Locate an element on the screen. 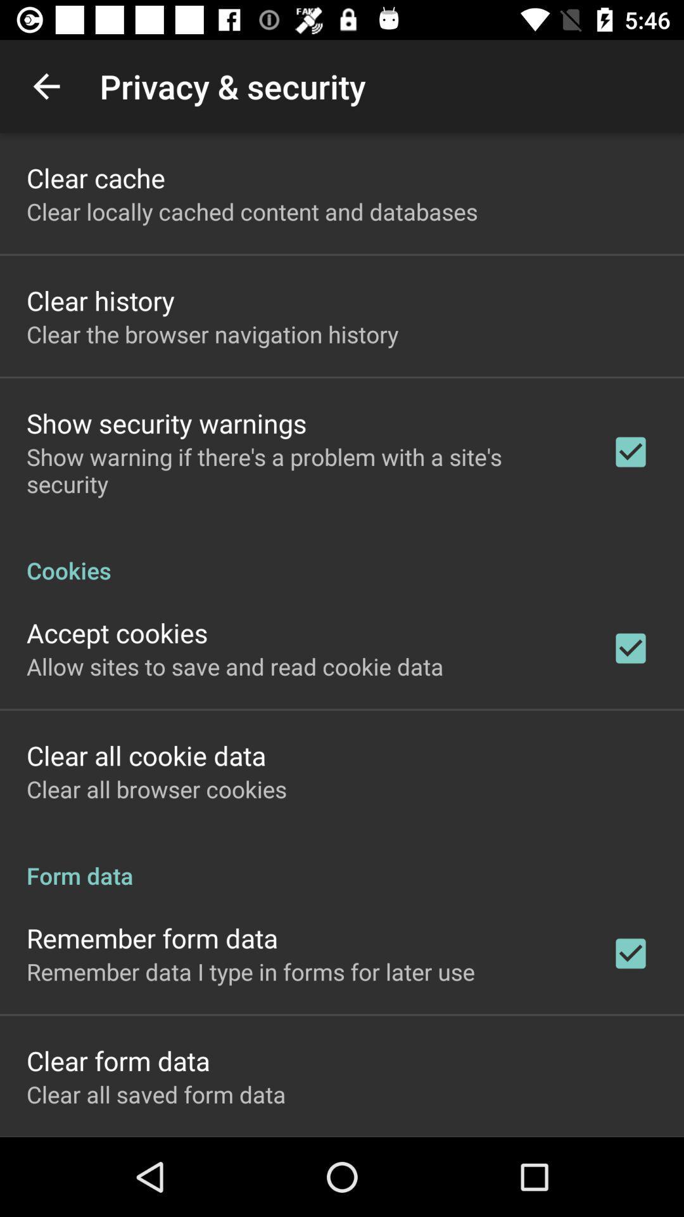 This screenshot has width=684, height=1217. allow sites to is located at coordinates (235, 666).